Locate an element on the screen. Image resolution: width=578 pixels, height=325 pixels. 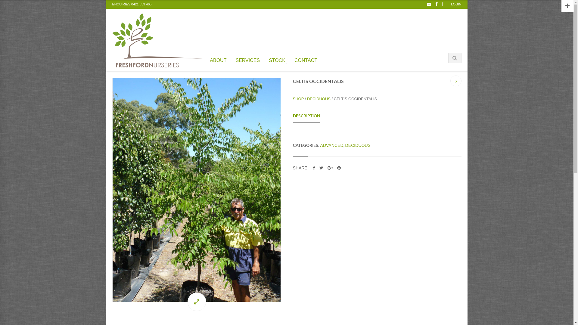
'SERVICES' is located at coordinates (247, 59).